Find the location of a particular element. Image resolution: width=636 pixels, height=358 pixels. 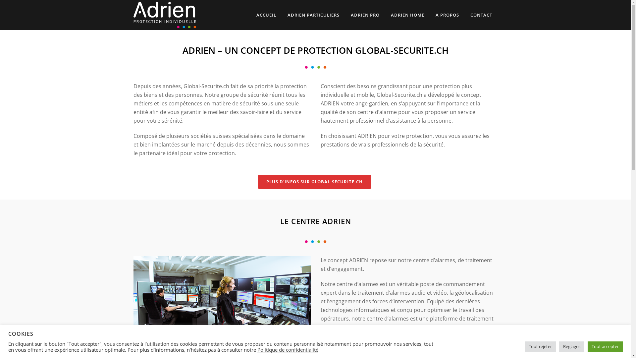

'Tout accepter' is located at coordinates (605, 346).